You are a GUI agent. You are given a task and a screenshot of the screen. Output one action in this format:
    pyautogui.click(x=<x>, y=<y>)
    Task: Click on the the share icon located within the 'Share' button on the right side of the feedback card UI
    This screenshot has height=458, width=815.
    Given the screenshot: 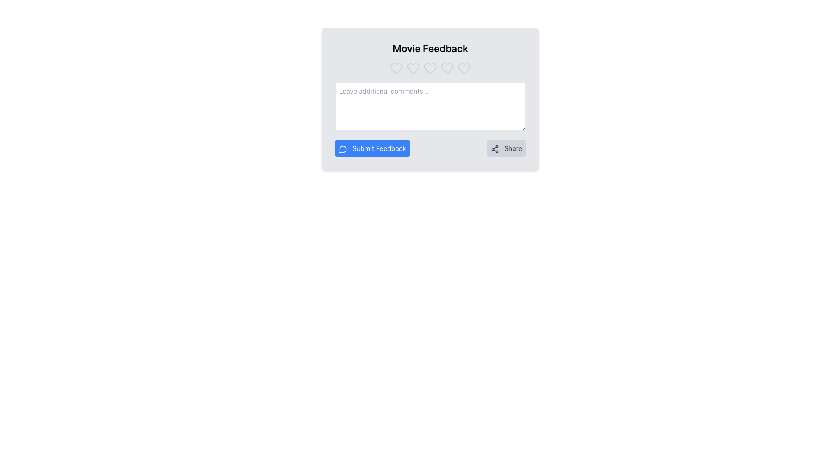 What is the action you would take?
    pyautogui.click(x=495, y=148)
    